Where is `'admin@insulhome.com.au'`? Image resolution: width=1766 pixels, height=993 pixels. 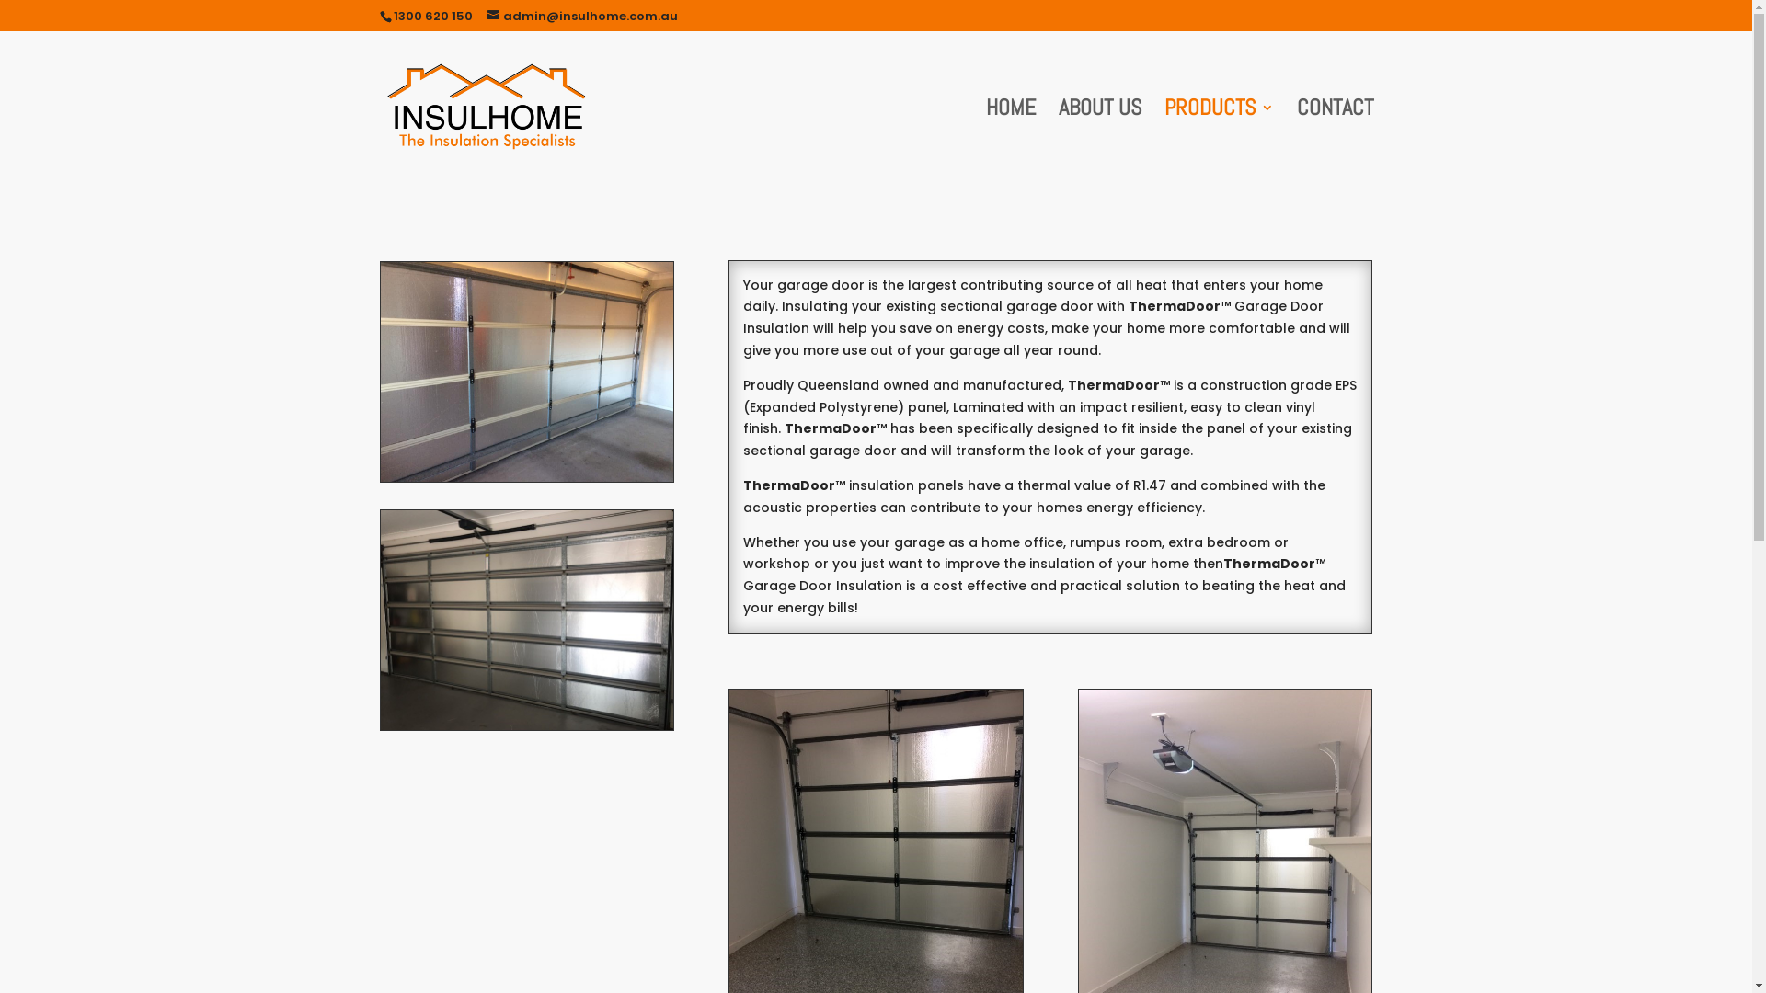 'admin@insulhome.com.au' is located at coordinates (487, 16).